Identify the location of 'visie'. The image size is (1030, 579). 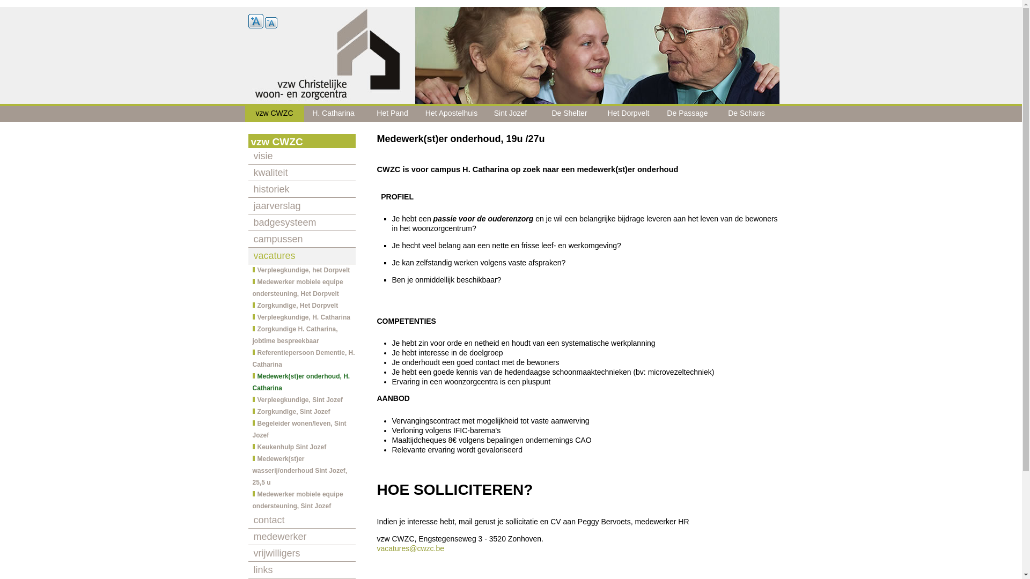
(300, 156).